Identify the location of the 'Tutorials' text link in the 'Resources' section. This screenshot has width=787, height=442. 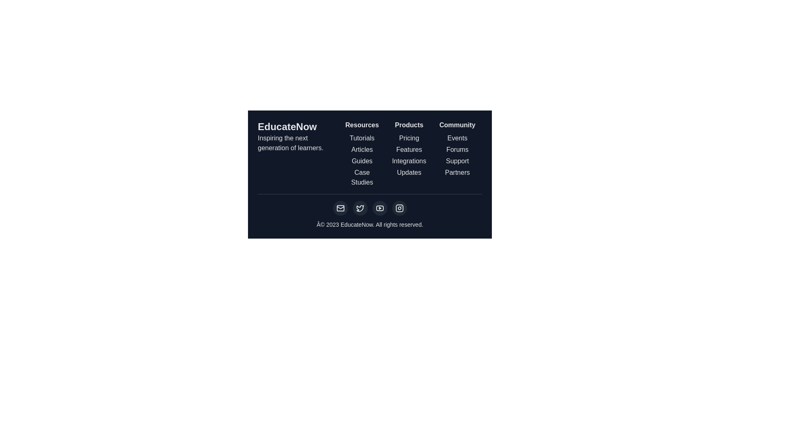
(362, 138).